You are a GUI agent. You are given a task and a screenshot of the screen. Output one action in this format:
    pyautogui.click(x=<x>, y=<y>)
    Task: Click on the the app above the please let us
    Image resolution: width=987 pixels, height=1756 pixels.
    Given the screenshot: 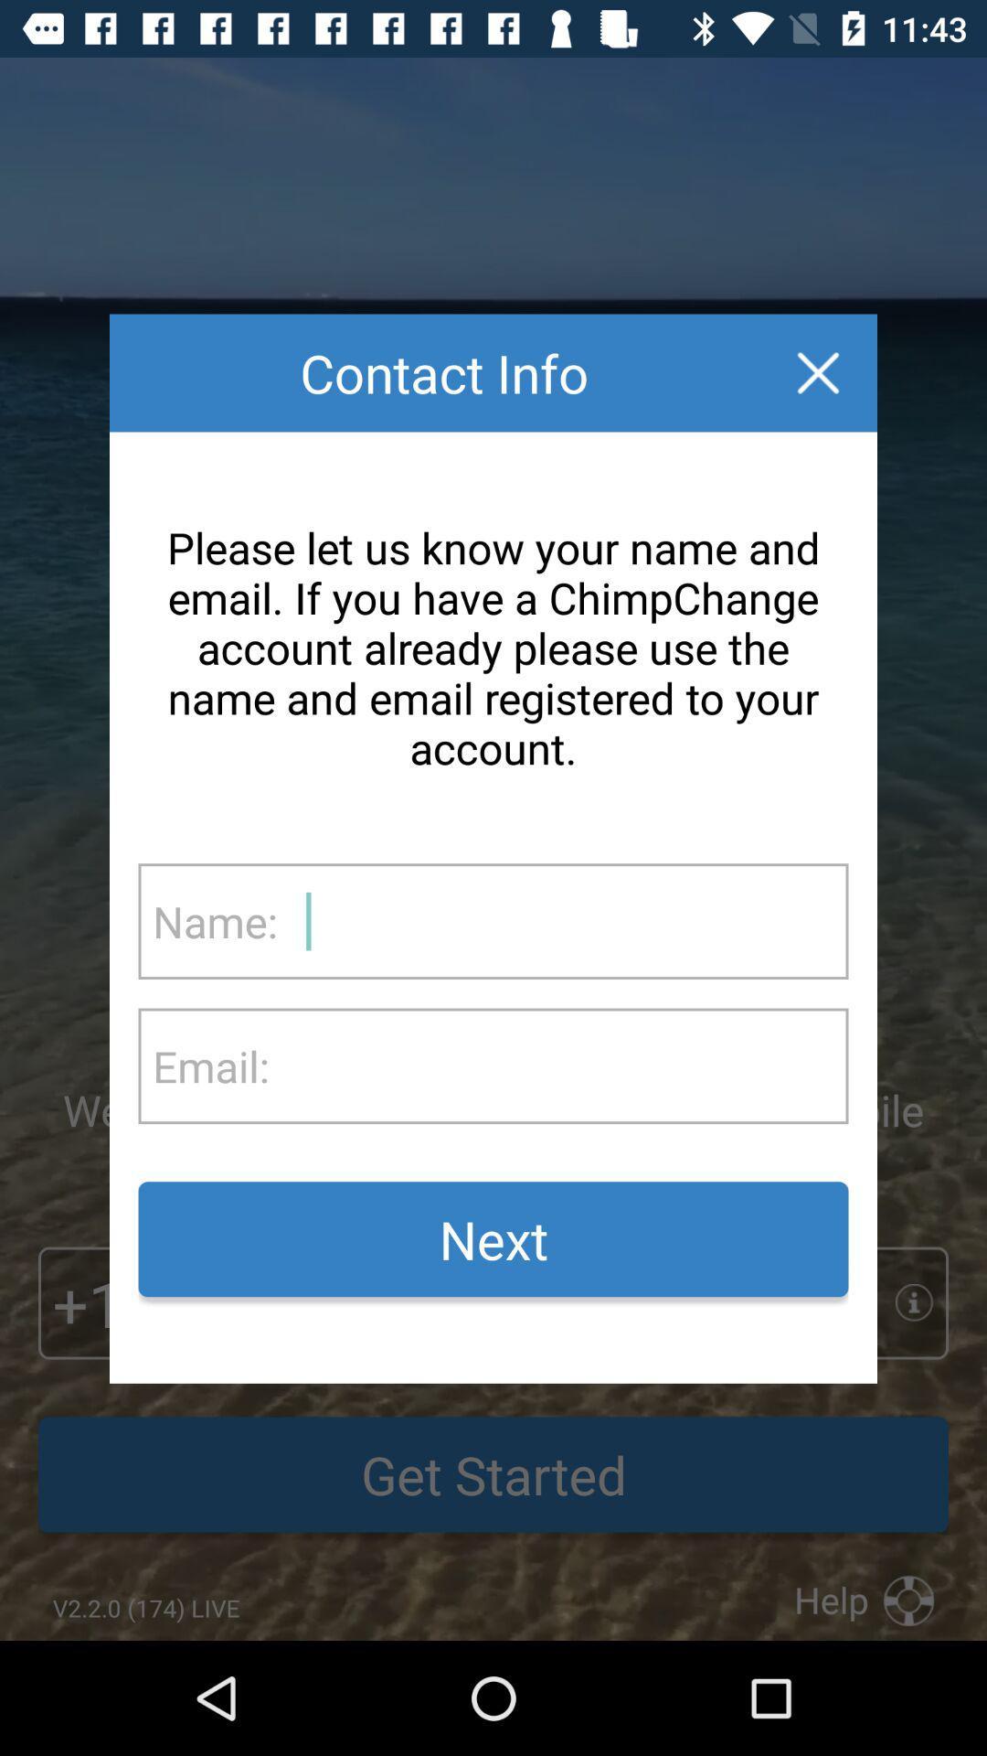 What is the action you would take?
    pyautogui.click(x=817, y=372)
    